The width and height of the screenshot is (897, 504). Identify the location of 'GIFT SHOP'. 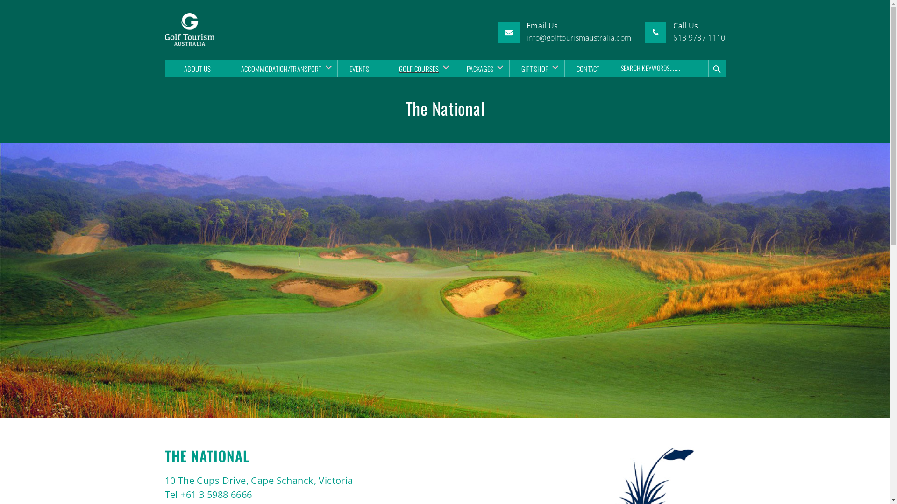
(534, 68).